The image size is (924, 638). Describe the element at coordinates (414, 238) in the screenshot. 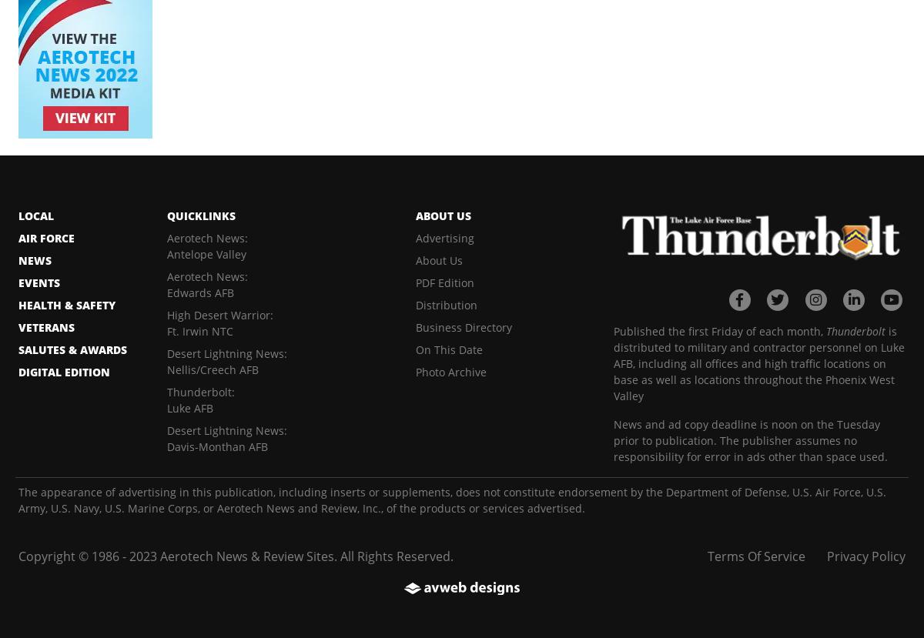

I see `'Advertising'` at that location.